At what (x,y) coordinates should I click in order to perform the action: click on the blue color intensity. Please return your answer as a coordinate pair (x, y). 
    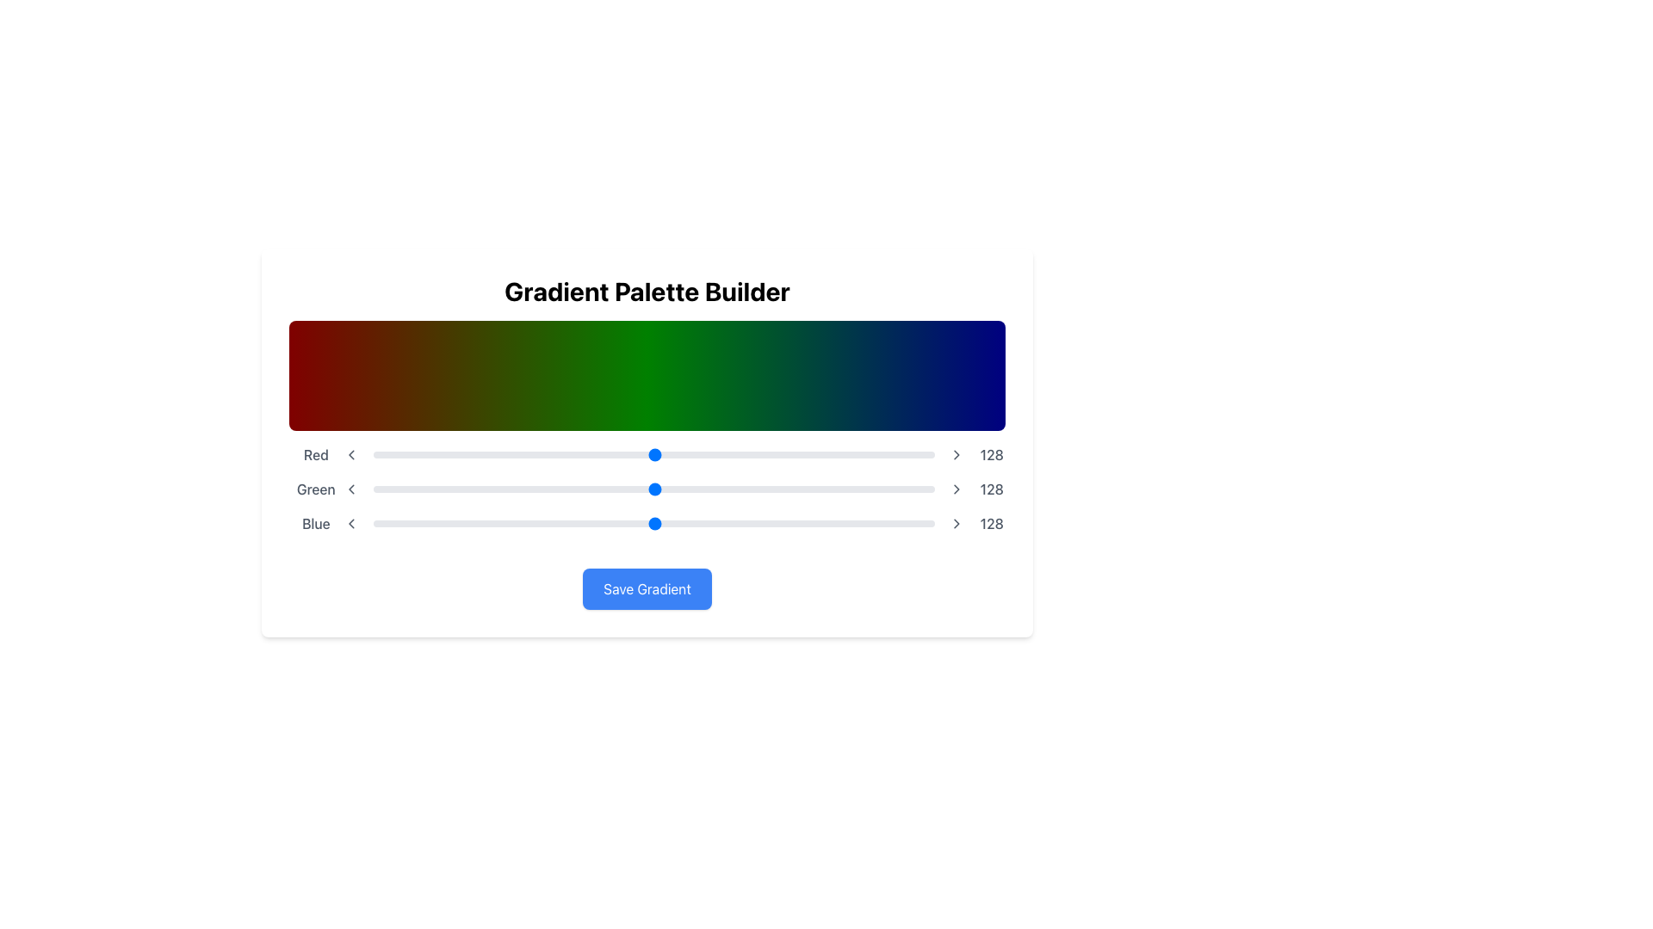
    Looking at the image, I should click on (387, 520).